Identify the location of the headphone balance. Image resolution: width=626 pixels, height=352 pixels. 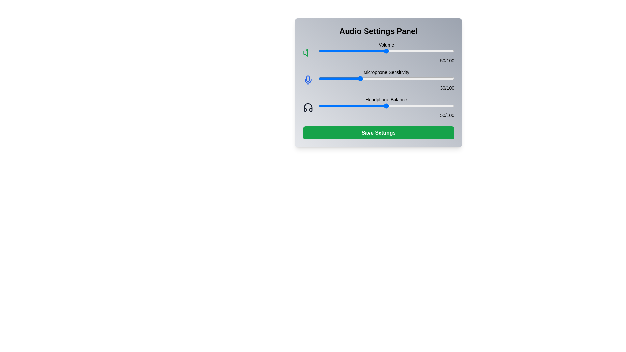
(434, 105).